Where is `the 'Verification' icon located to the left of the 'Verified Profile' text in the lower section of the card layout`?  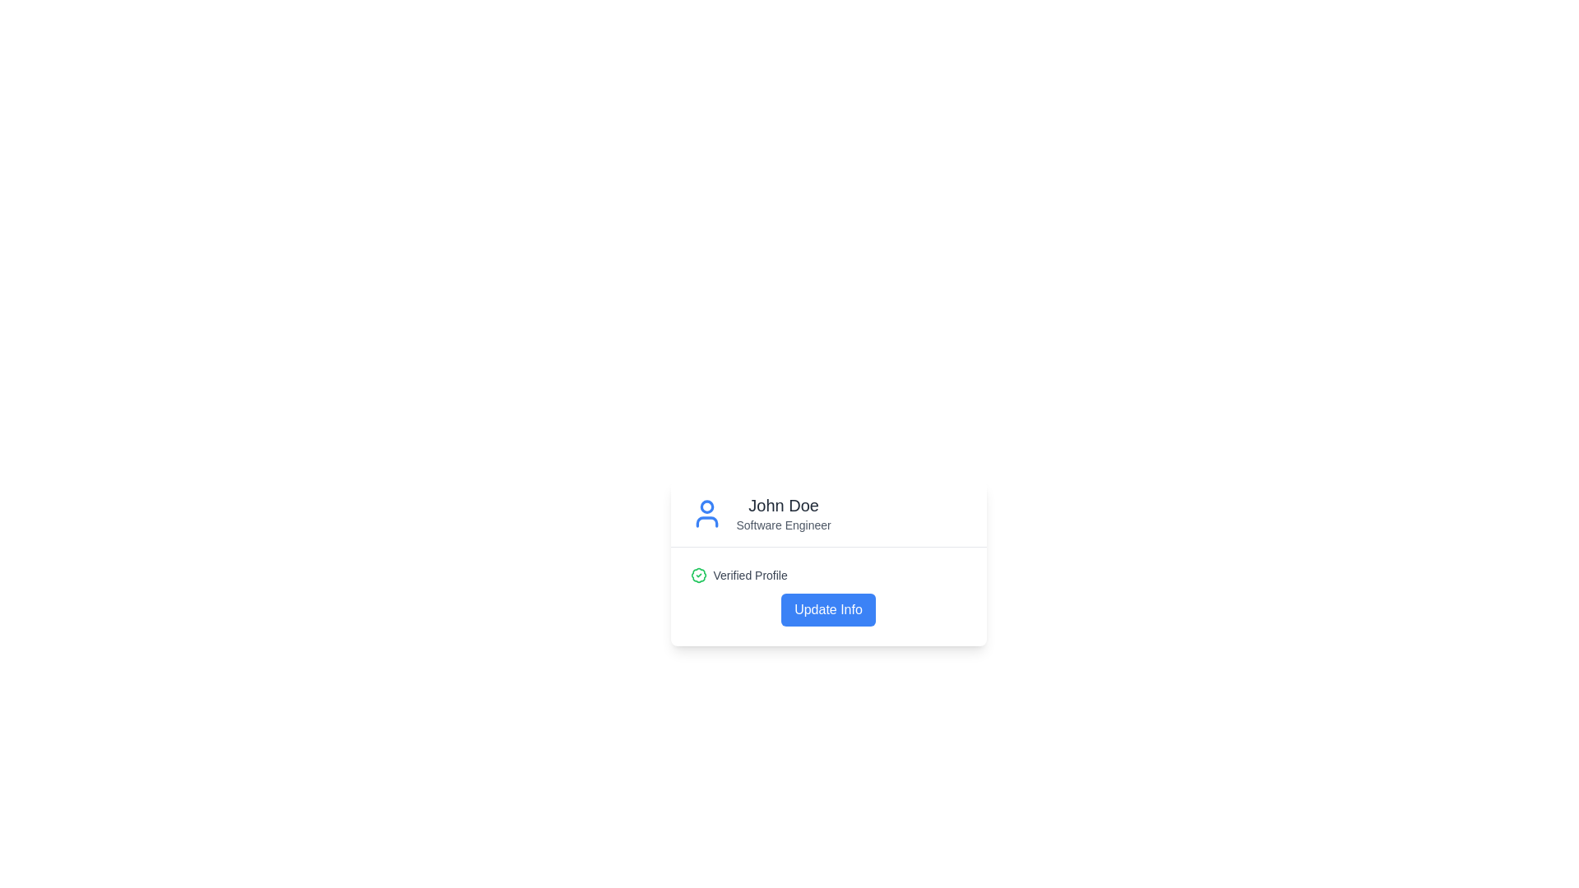
the 'Verification' icon located to the left of the 'Verified Profile' text in the lower section of the card layout is located at coordinates (698, 574).